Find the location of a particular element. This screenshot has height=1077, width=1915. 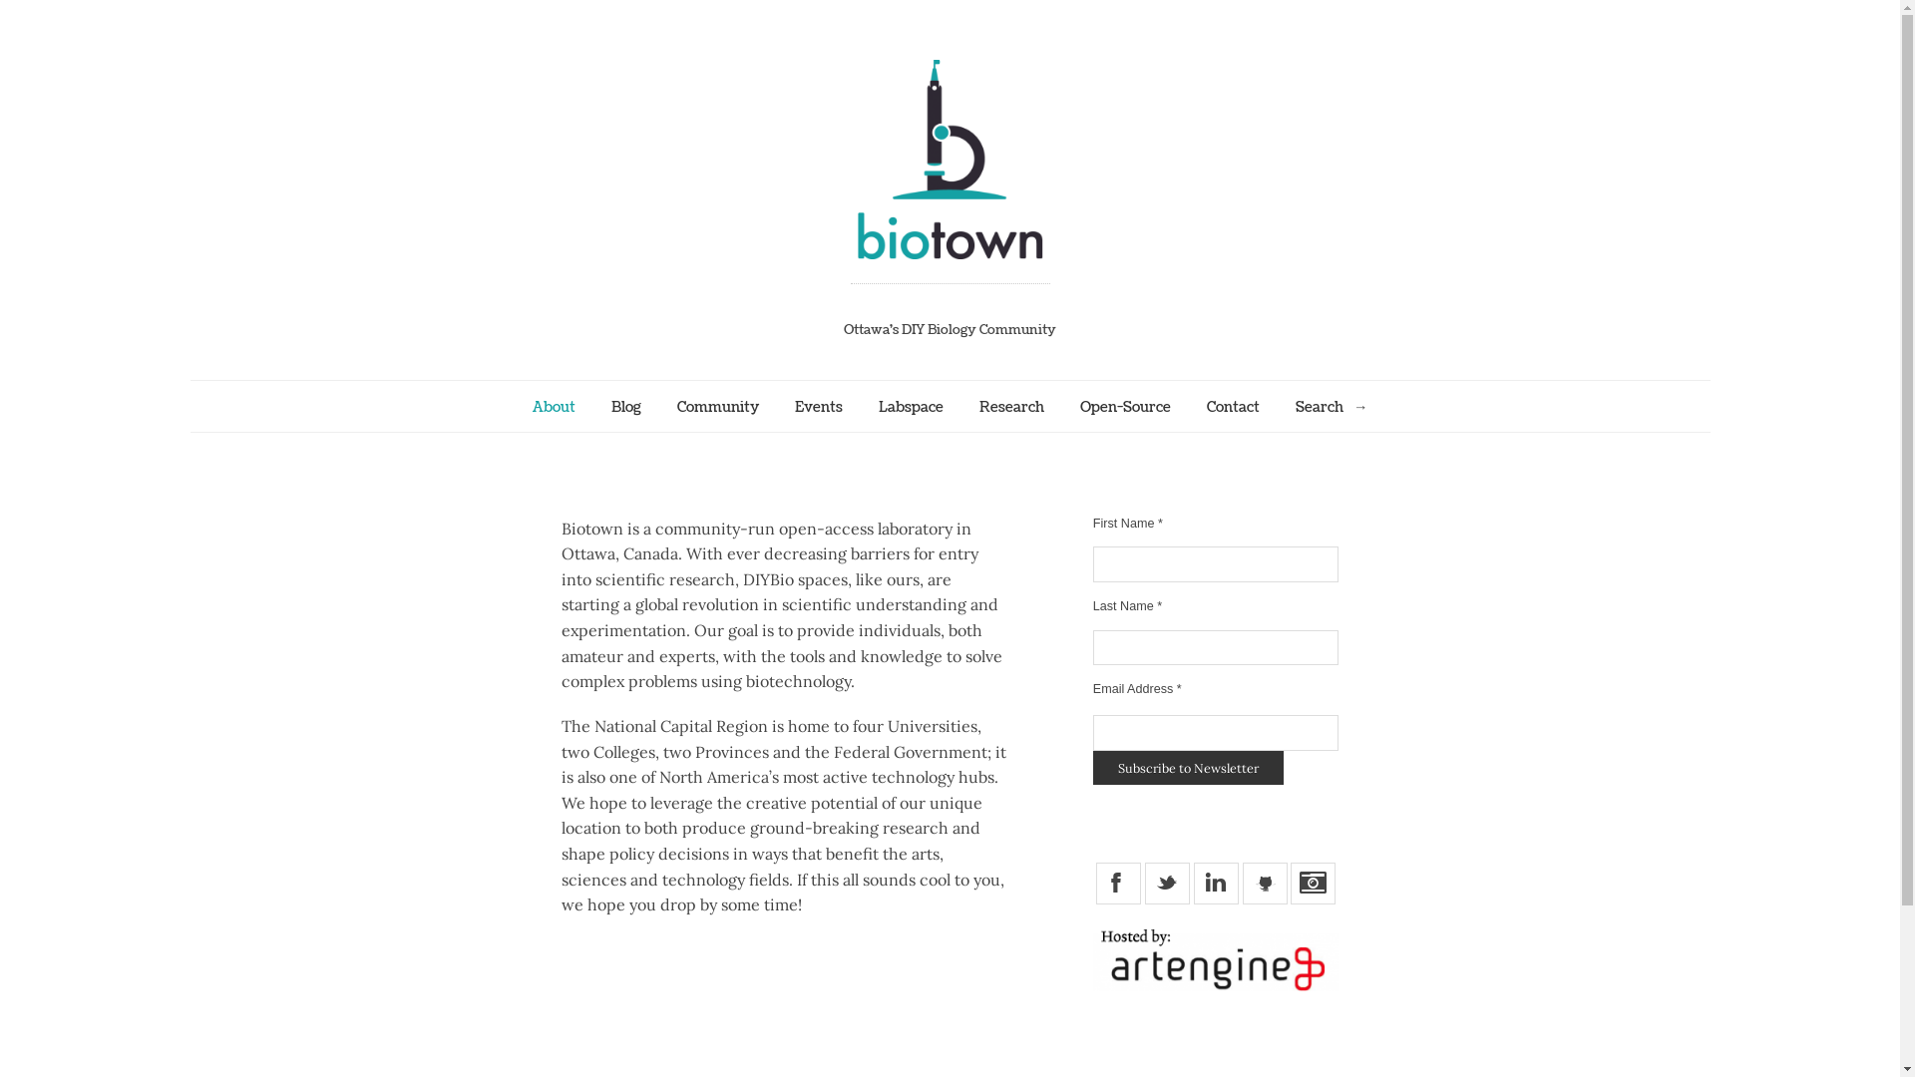

'Open-Source' is located at coordinates (1124, 406).